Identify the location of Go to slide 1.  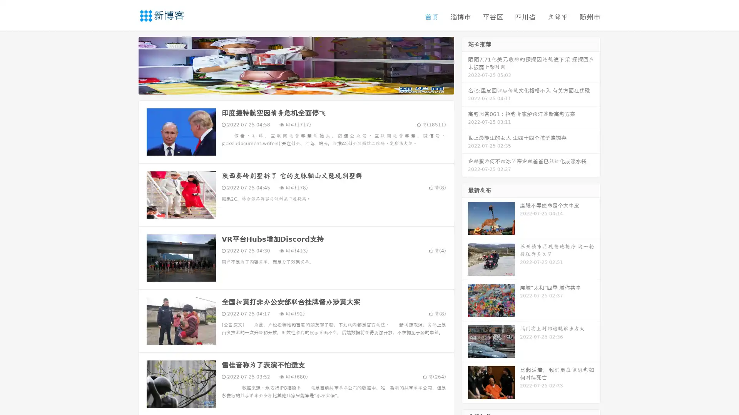
(288, 86).